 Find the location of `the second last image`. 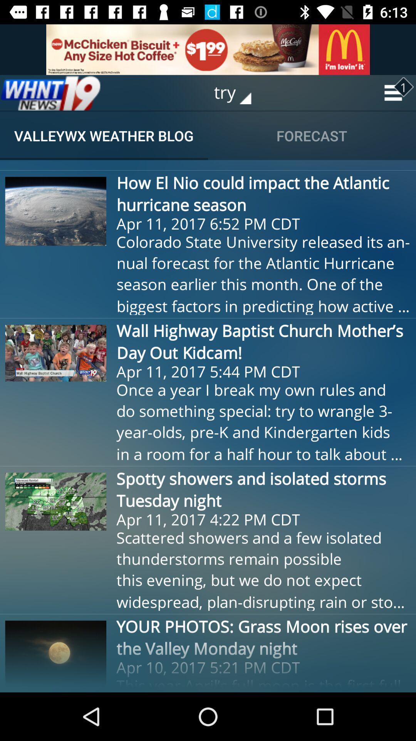

the second last image is located at coordinates (55, 502).